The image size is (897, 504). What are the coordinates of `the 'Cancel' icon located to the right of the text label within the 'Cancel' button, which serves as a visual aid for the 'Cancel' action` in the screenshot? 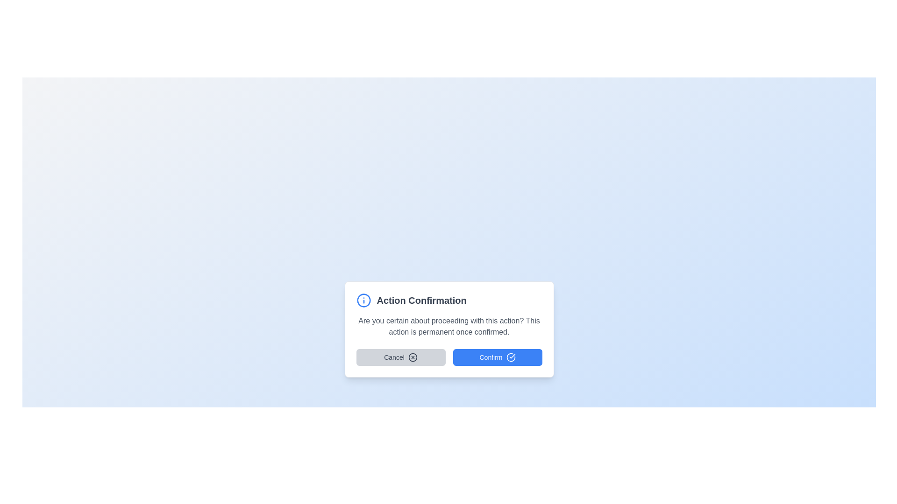 It's located at (412, 357).